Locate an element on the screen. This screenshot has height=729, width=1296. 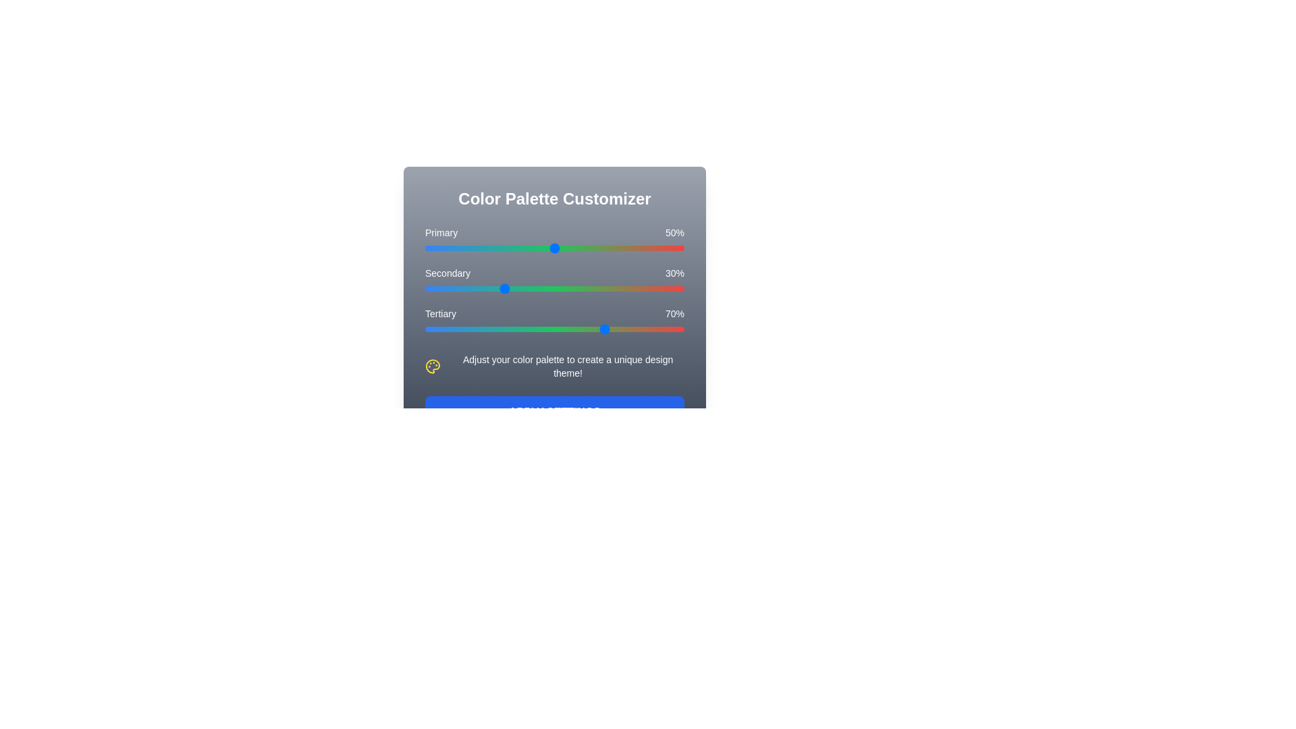
the primary color intensity is located at coordinates (562, 248).